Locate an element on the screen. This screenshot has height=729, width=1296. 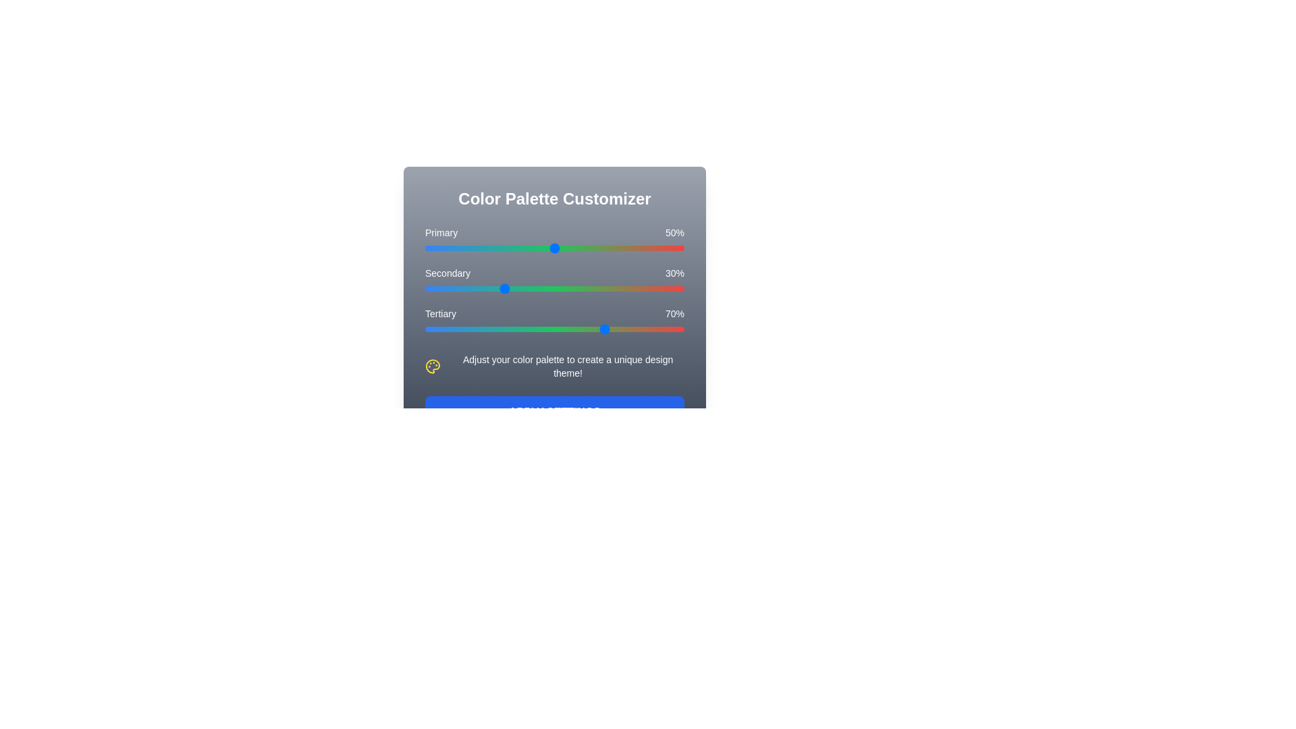
the primary color intensity is located at coordinates (562, 248).